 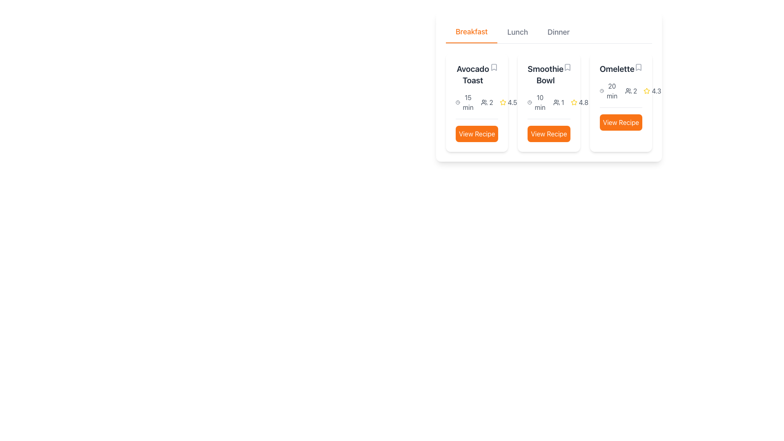 I want to click on text displayed in the header of the second recipe card, which identifies the recipe title, so click(x=546, y=74).